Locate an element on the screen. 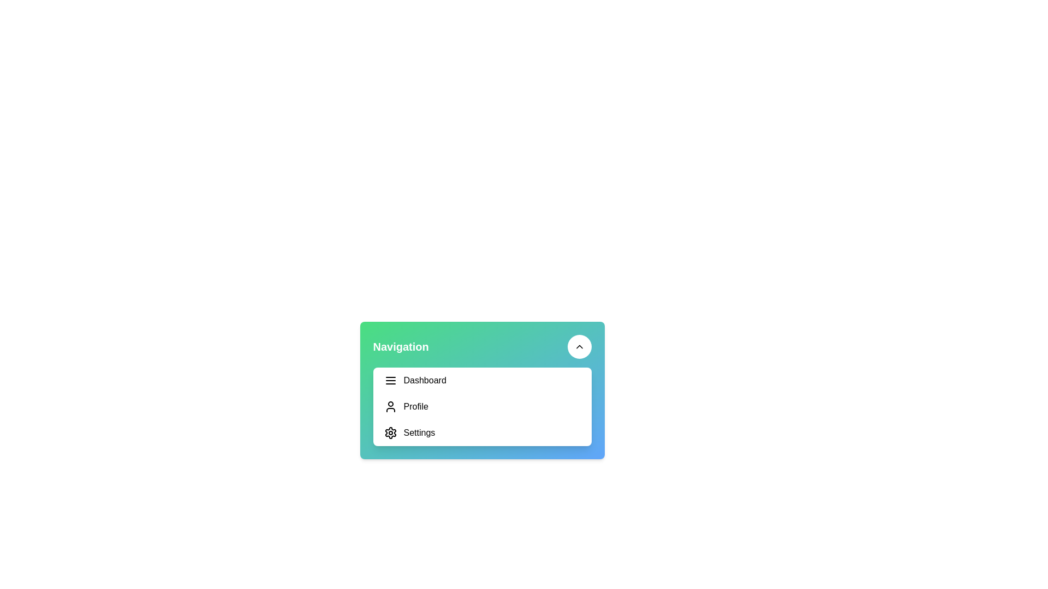 This screenshot has width=1048, height=589. the first item in the vertical list of options in the sidebar or dropdown menu, which serves as a navigational link to the dashboard view or main page of the application is located at coordinates (481, 380).